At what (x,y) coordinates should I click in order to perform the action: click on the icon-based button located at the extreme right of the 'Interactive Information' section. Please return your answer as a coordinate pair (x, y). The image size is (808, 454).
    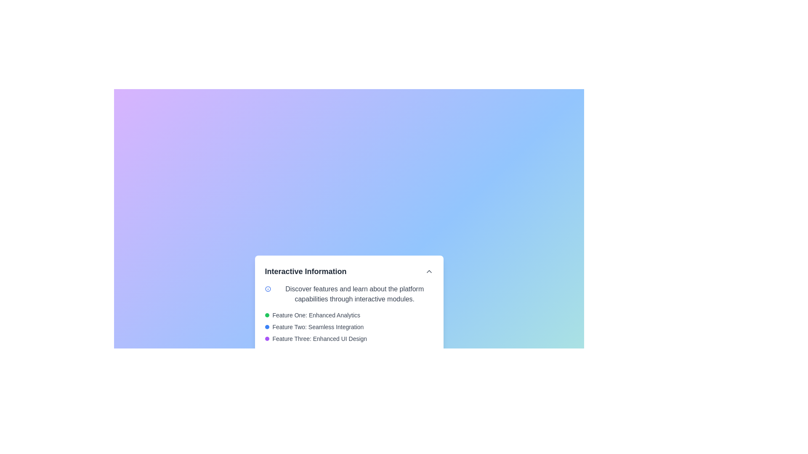
    Looking at the image, I should click on (429, 271).